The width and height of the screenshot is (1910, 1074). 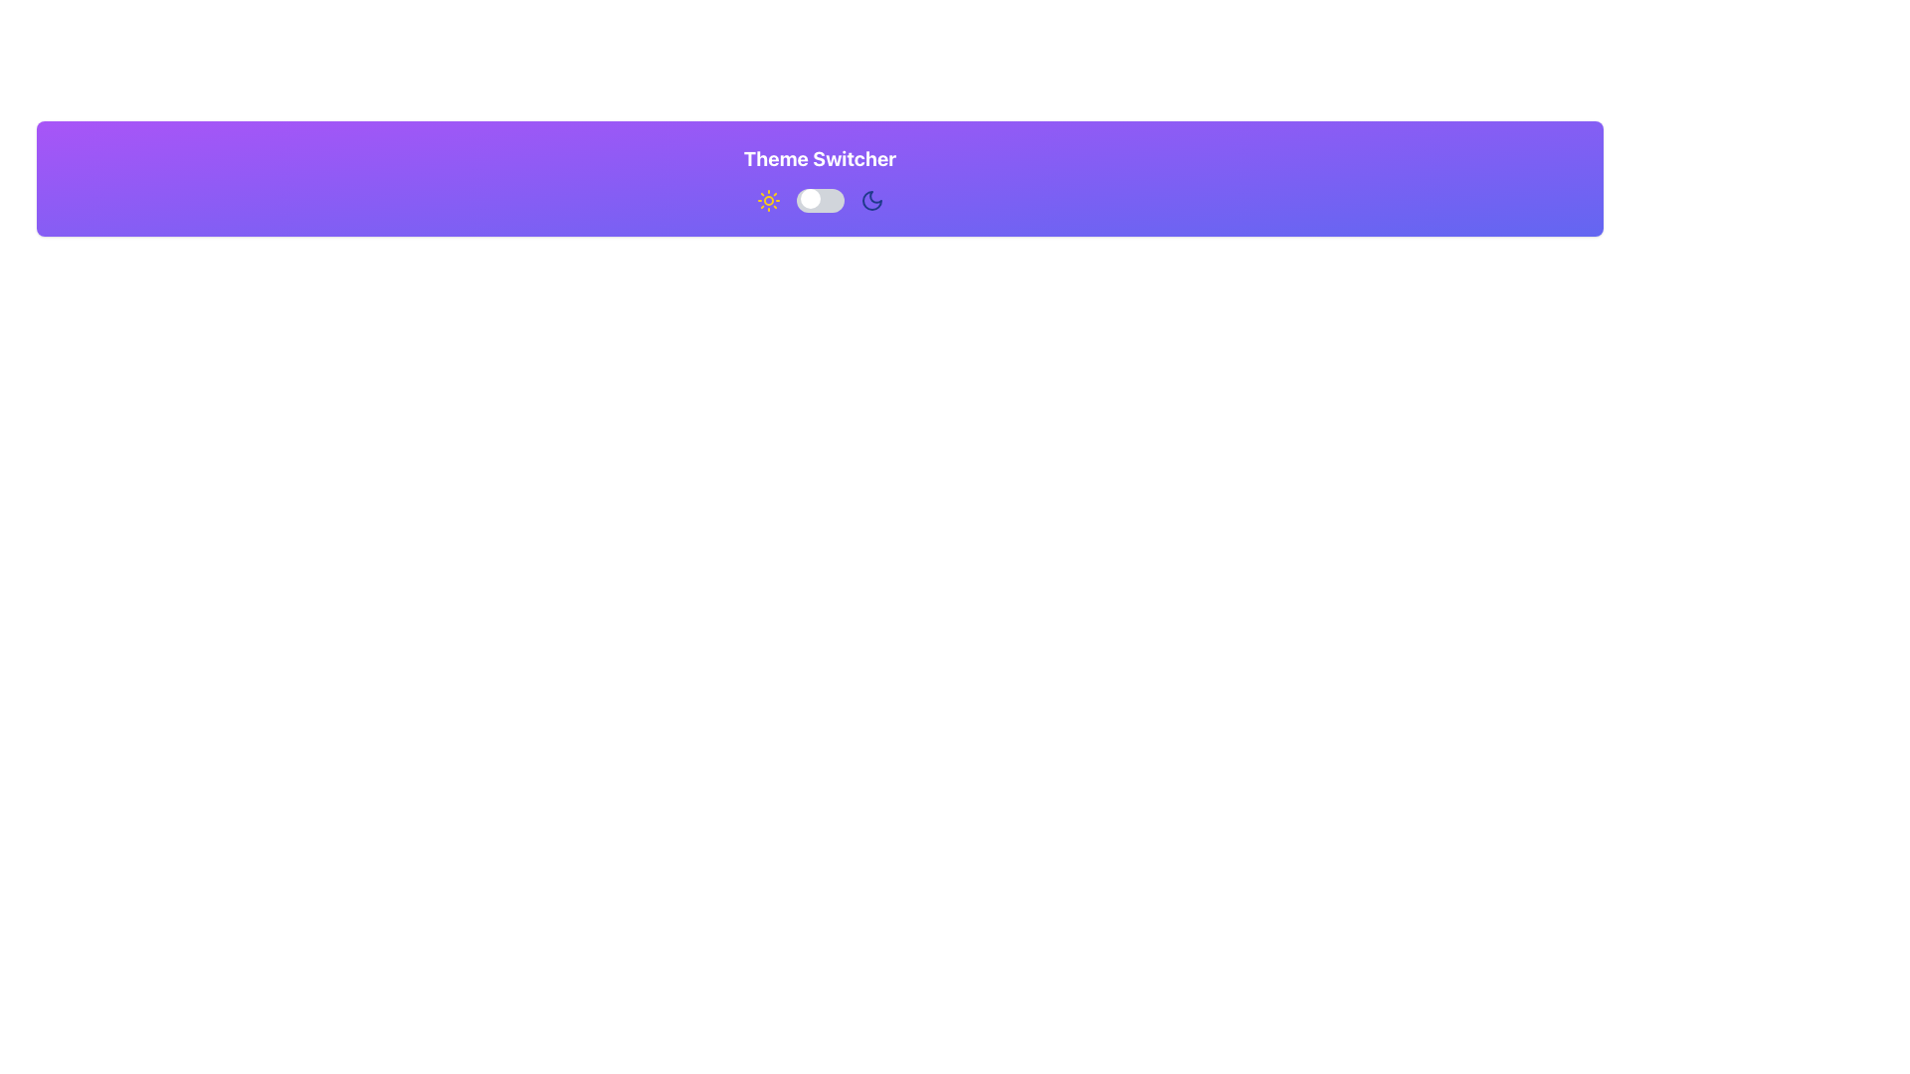 I want to click on the sun icon in the theme switcher interface, so click(x=767, y=200).